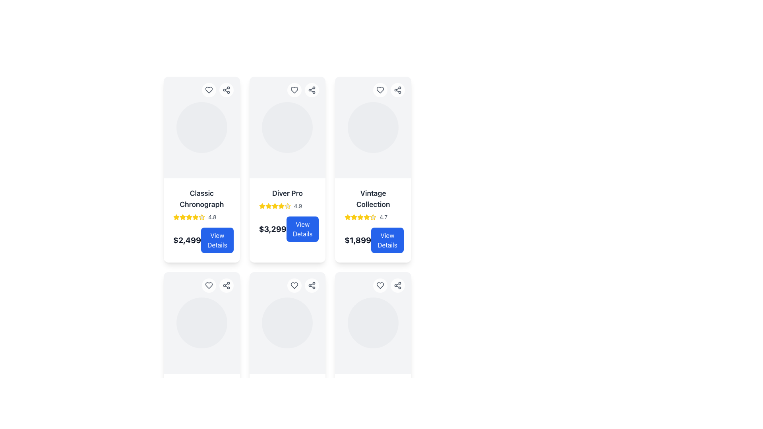 The height and width of the screenshot is (429, 763). What do you see at coordinates (226, 90) in the screenshot?
I see `the circular share button in the top-right corner of the 'Classic Chronograph' product card to change its icon color to blue` at bounding box center [226, 90].